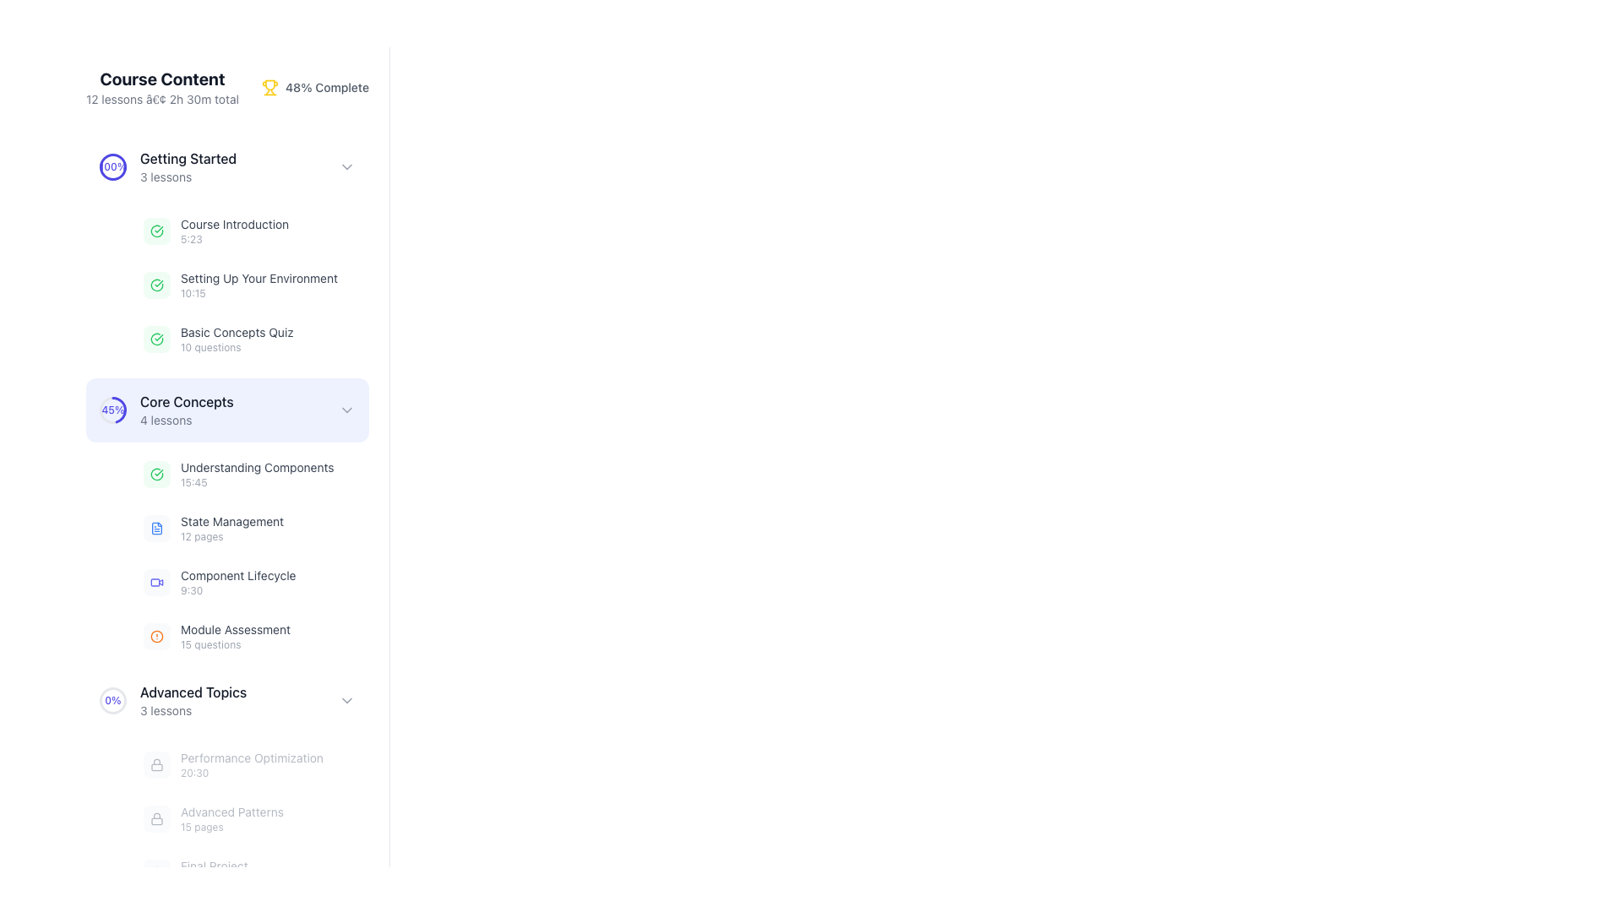  I want to click on the icon representing the video lesson in the 'Core Concepts' section, so click(157, 582).